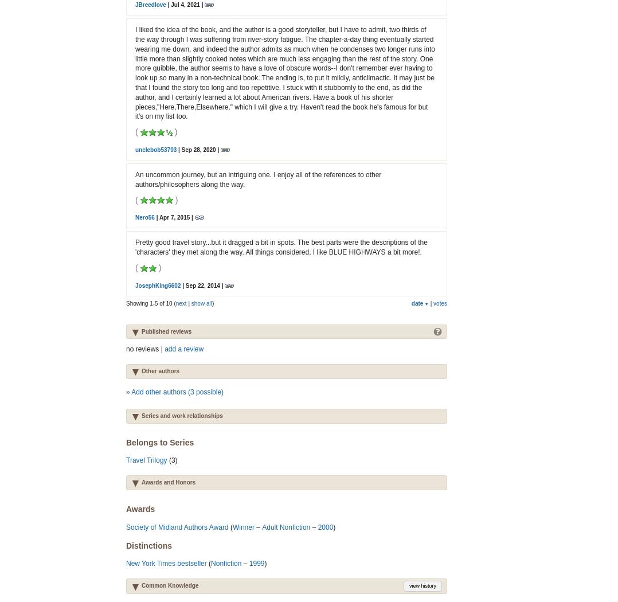 Image resolution: width=618 pixels, height=602 pixels. Describe the element at coordinates (150, 5) in the screenshot. I see `'JBreedlove'` at that location.